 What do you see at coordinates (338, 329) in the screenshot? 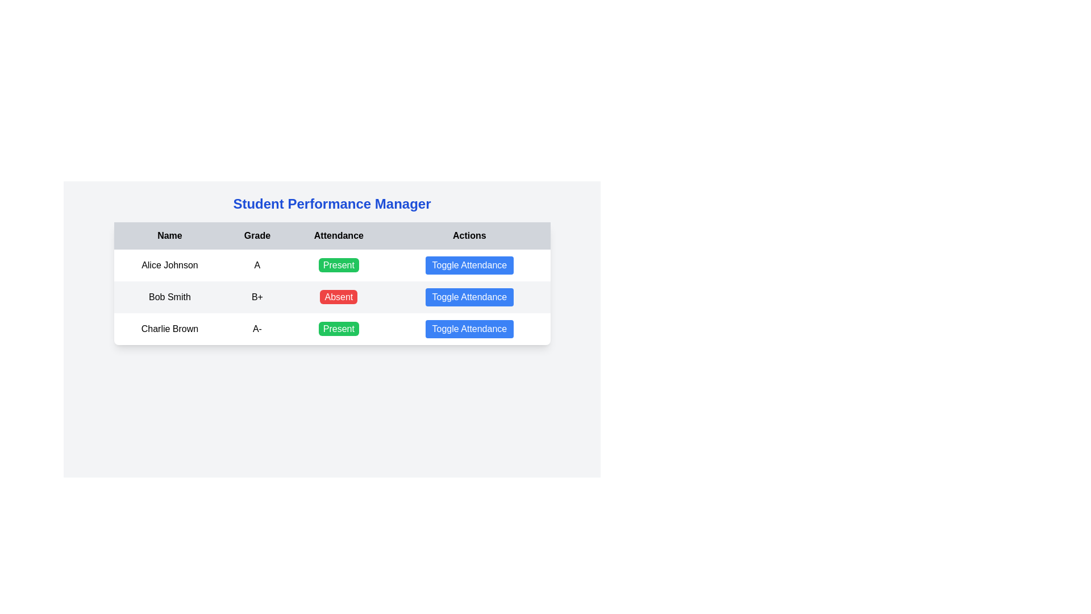
I see `the static text label indicating the attendance status as 'Present' located in the 'Attendance' column of the third row, adjacent to 'Charlie Brown' and to the left of the 'Toggle Attendance' button` at bounding box center [338, 329].